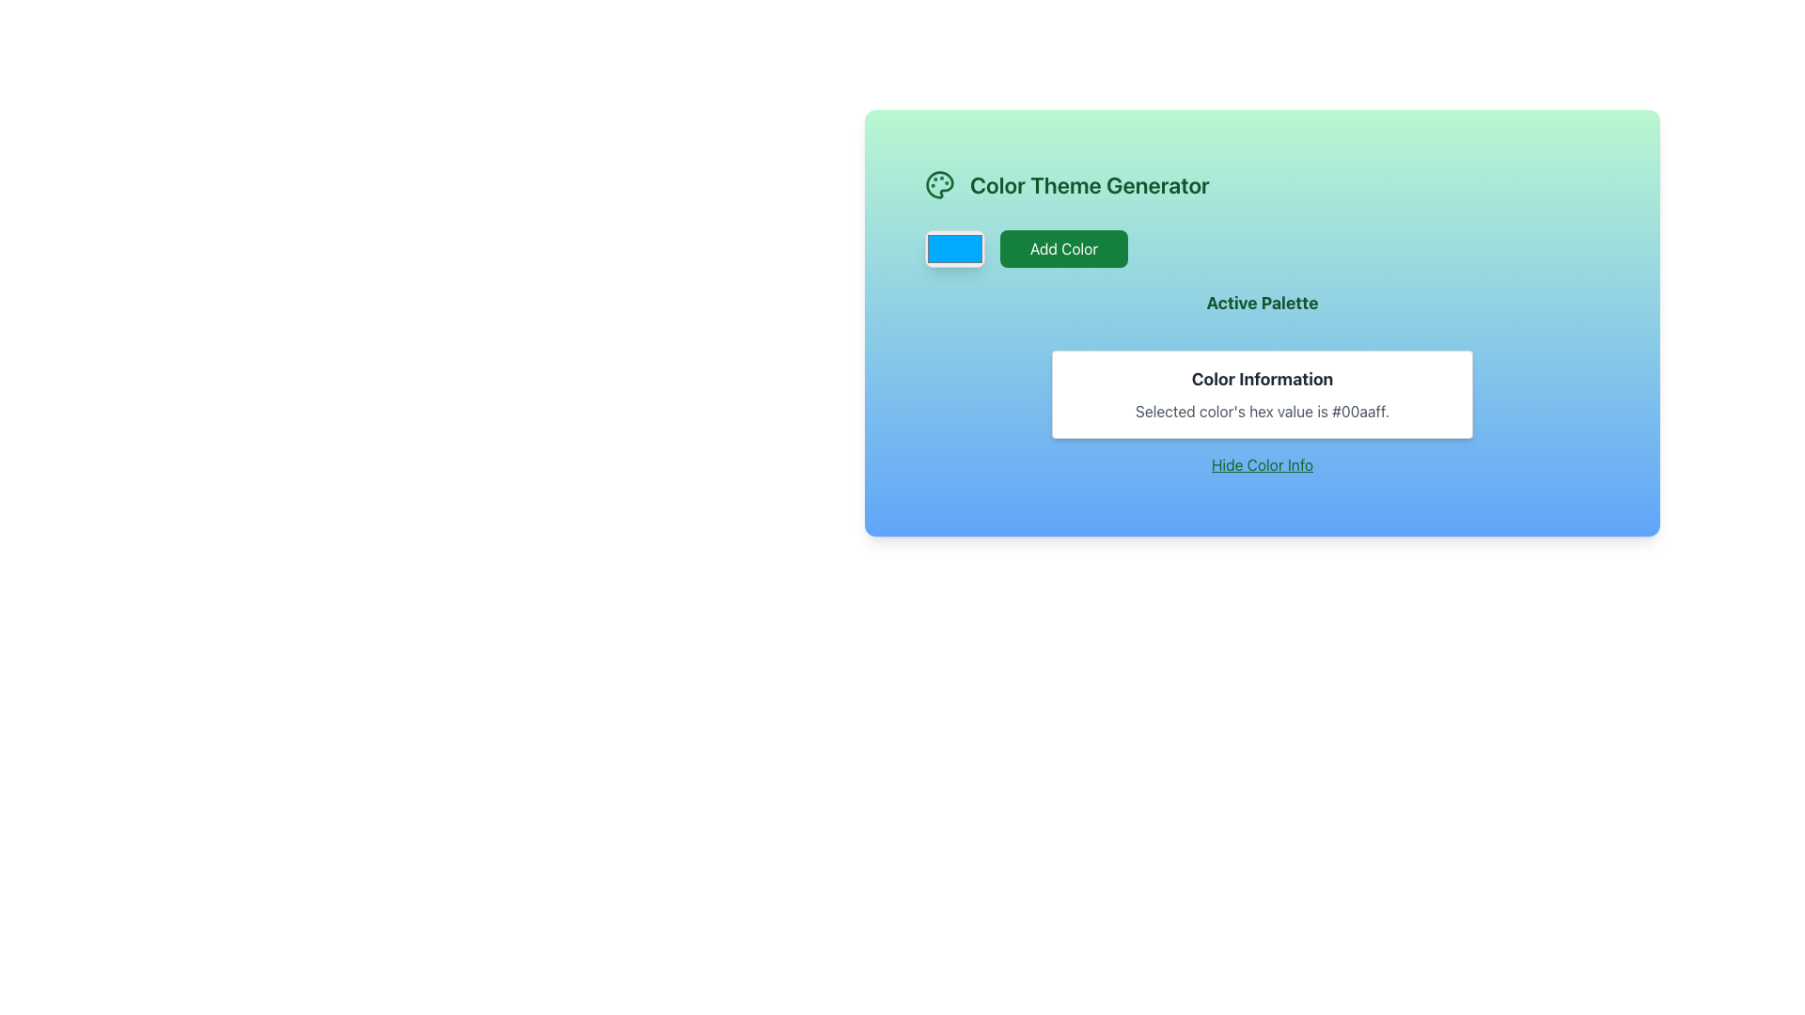 The image size is (1805, 1015). Describe the element at coordinates (939, 184) in the screenshot. I see `the decorative branding icon located at the top left corner of the window, next to the text title 'Color Theme Generator'` at that location.